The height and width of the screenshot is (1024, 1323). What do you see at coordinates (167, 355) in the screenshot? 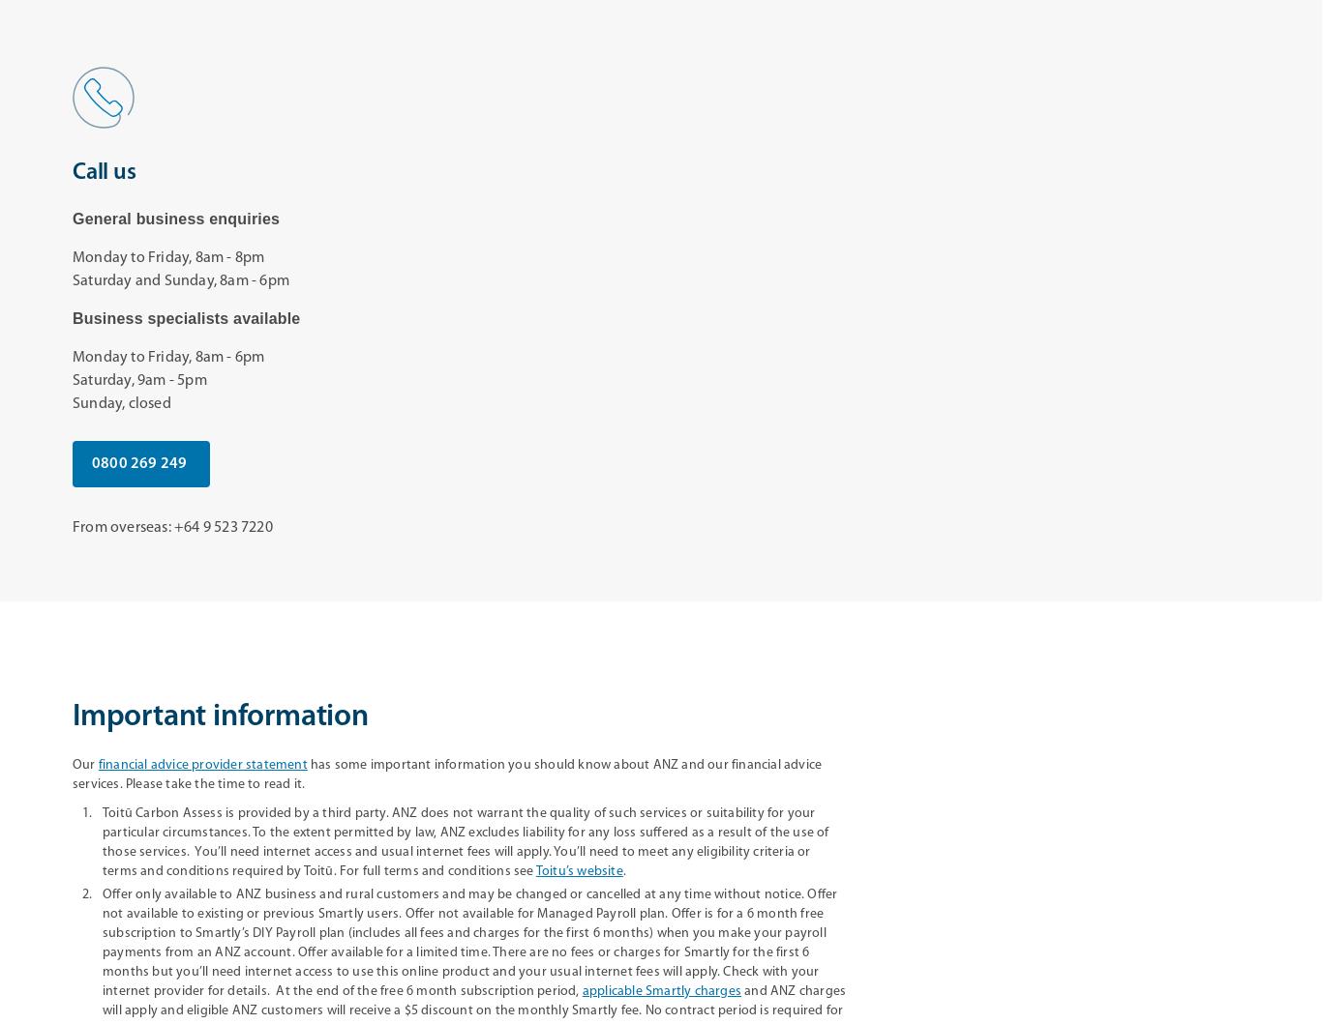
I see `'Monday to Friday, 8am - 6pm'` at bounding box center [167, 355].